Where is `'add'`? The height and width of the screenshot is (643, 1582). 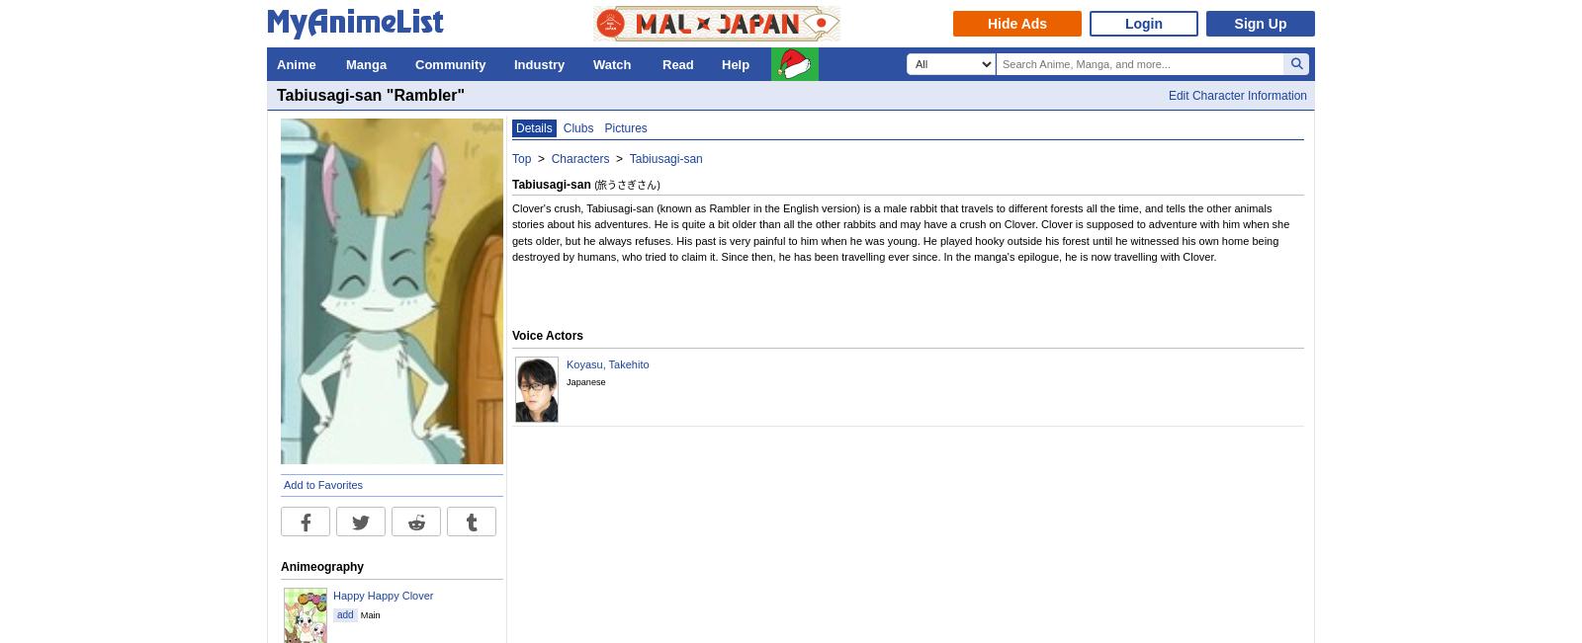
'add' is located at coordinates (344, 614).